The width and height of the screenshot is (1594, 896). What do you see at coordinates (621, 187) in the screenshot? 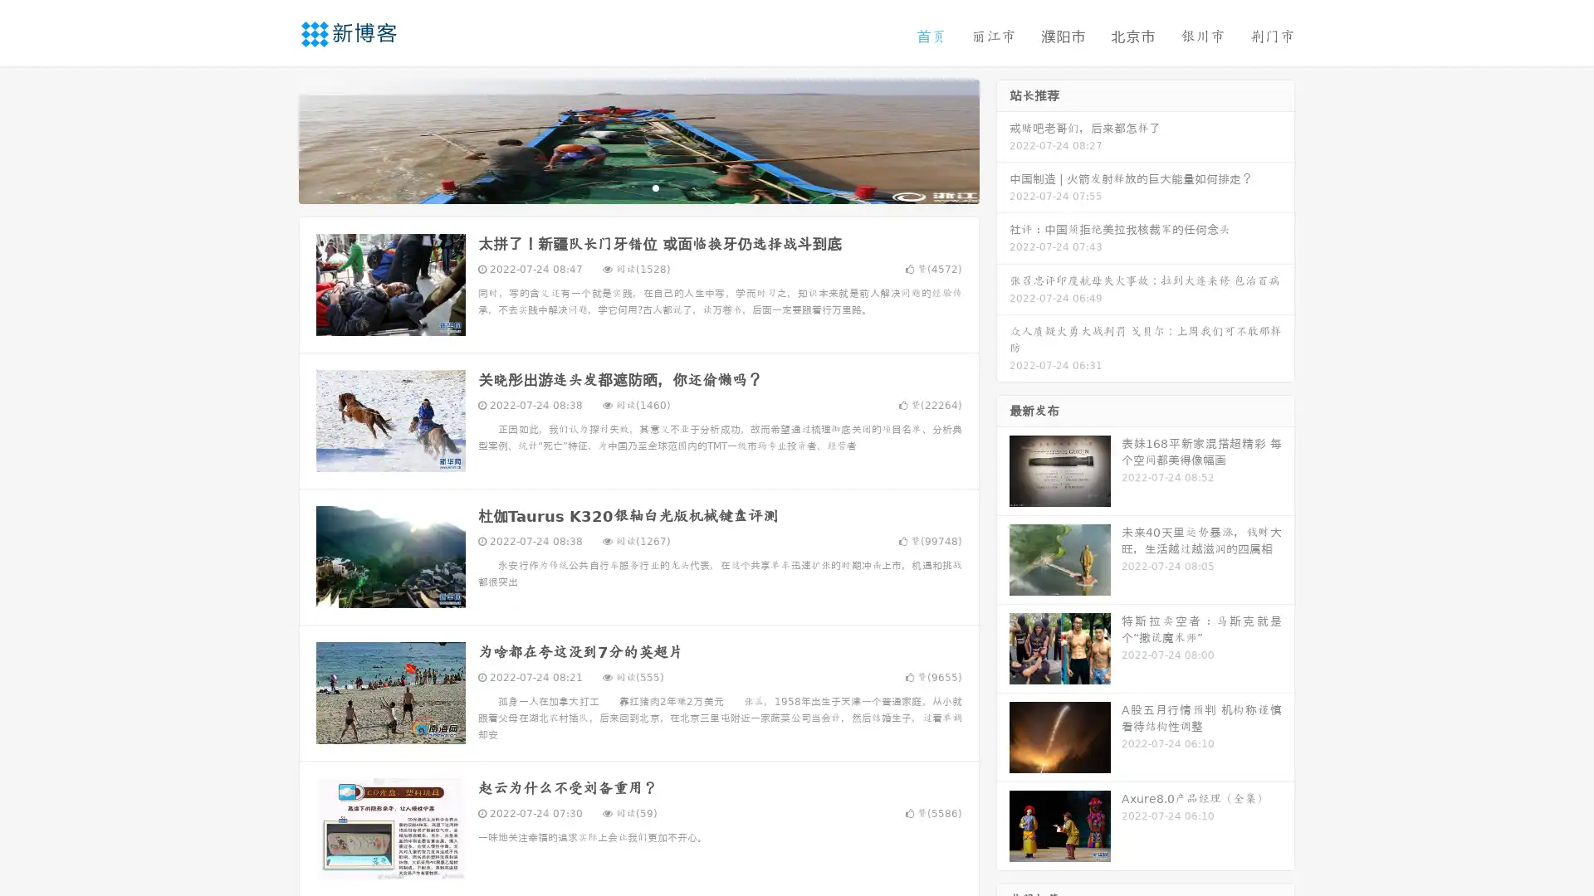
I see `Go to slide 1` at bounding box center [621, 187].